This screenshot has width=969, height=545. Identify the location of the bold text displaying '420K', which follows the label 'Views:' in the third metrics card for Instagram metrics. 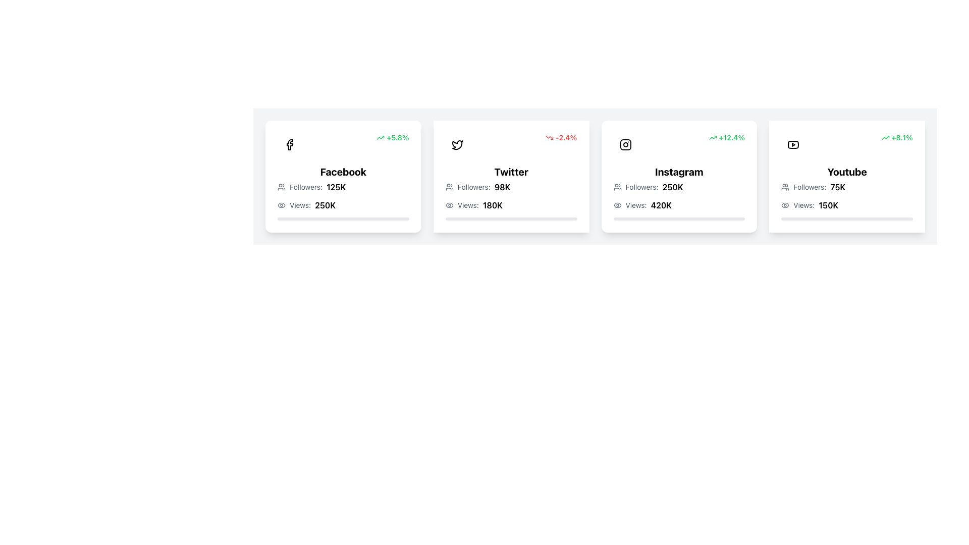
(661, 205).